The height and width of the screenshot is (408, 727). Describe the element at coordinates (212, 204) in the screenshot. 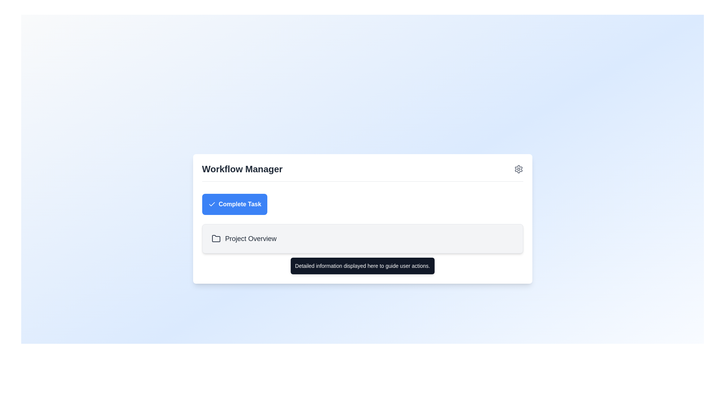

I see `checkmark icon located inside the 'Complete Task' button at the top of the 'Workflow Manager' section` at that location.